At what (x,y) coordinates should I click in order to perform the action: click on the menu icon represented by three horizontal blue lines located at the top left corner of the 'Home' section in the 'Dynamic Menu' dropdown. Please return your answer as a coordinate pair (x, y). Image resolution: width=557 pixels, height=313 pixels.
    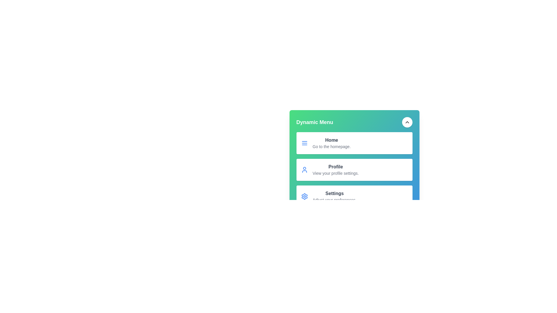
    Looking at the image, I should click on (304, 143).